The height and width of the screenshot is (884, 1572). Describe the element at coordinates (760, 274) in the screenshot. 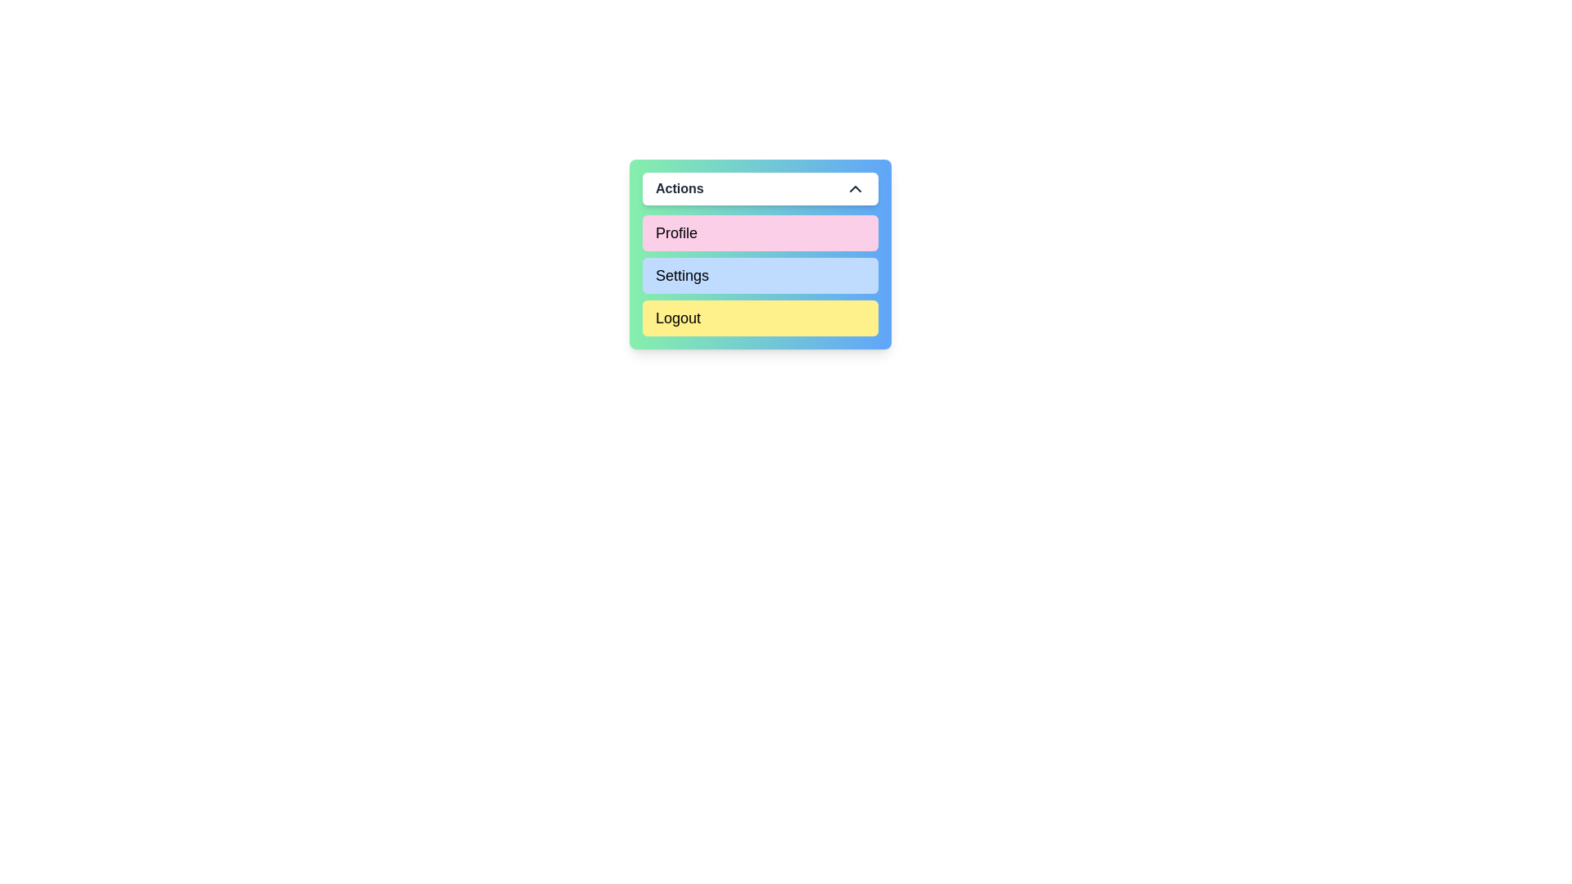

I see `the second button in the vertically aligned menu, located between the 'Profile' button with a pink background above and the 'Logout' button with a yellow background below` at that location.